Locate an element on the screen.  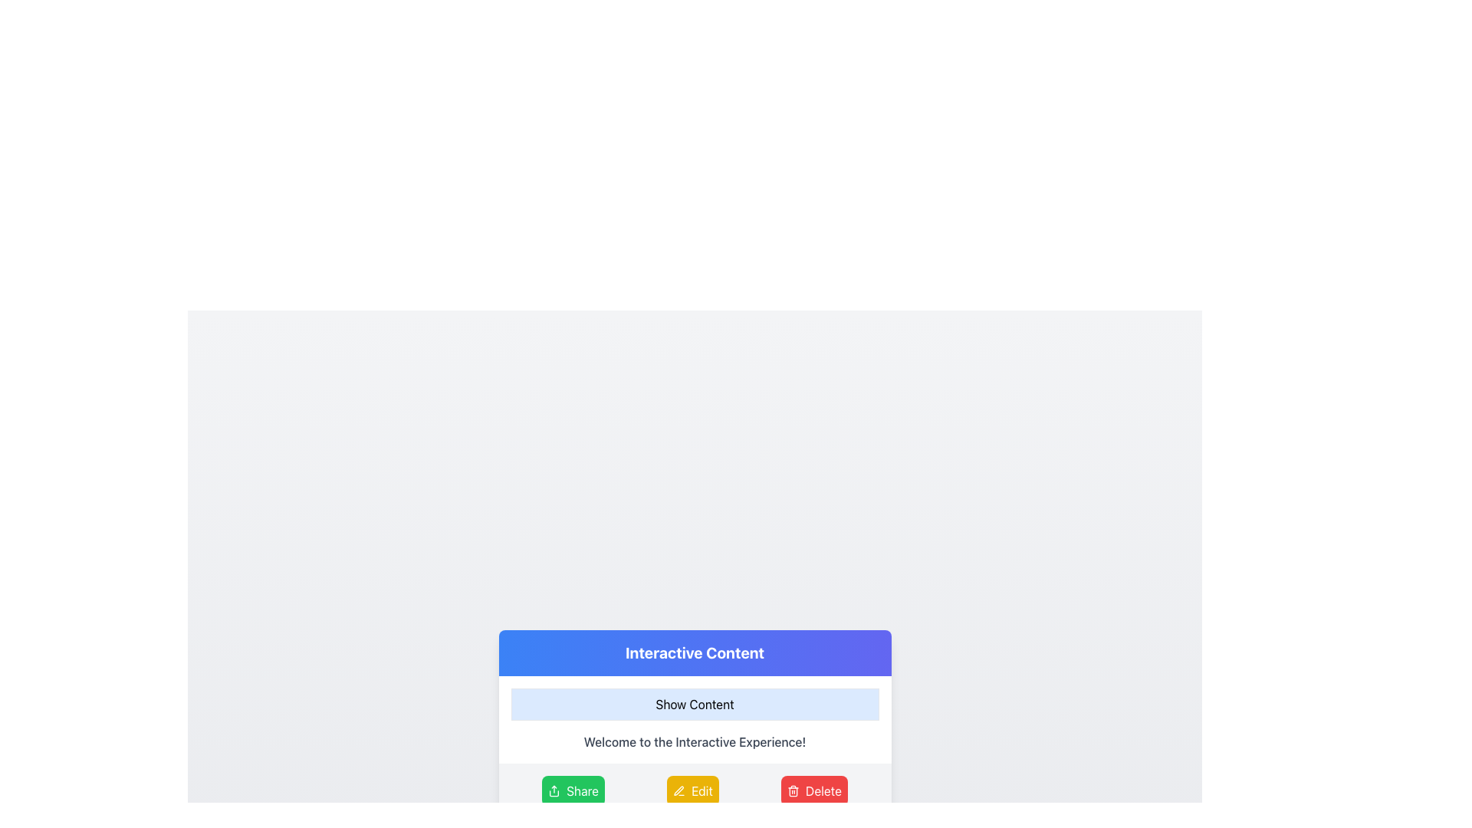
the sharing feature button label is located at coordinates (581, 791).